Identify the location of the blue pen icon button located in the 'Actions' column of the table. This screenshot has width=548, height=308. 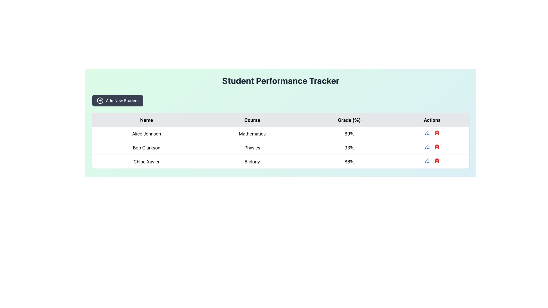
(427, 147).